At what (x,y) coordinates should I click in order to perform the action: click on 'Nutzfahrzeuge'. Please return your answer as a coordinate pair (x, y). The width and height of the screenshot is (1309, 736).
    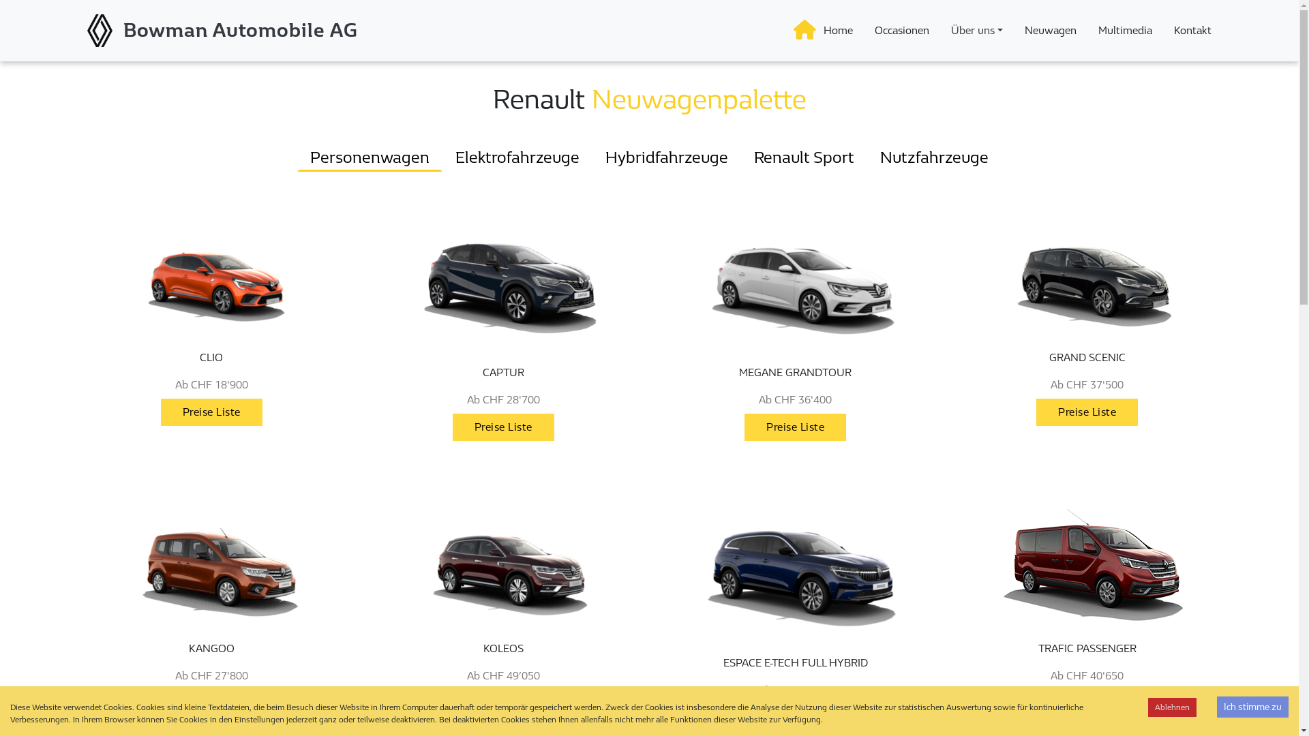
    Looking at the image, I should click on (933, 157).